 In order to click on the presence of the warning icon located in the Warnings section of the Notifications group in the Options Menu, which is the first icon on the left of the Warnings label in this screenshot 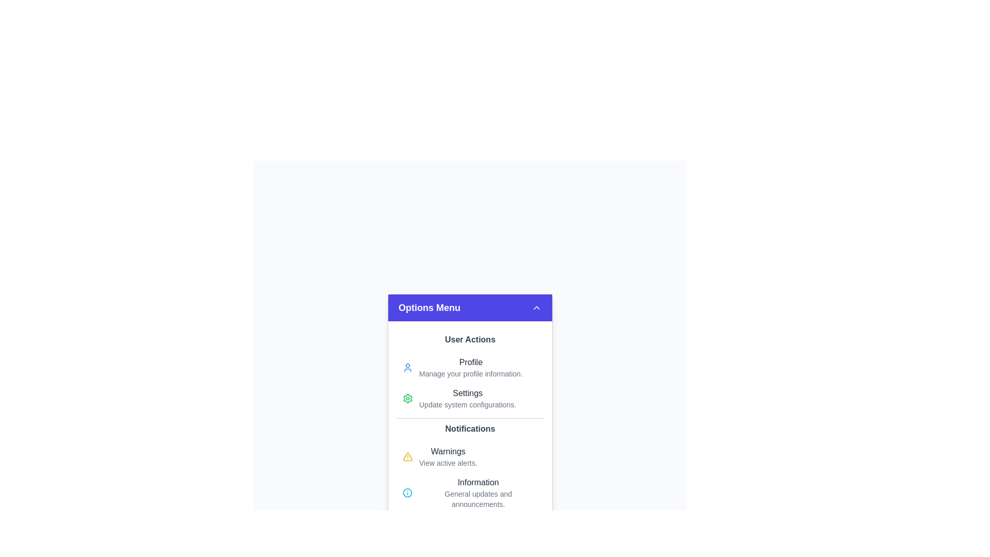, I will do `click(407, 456)`.